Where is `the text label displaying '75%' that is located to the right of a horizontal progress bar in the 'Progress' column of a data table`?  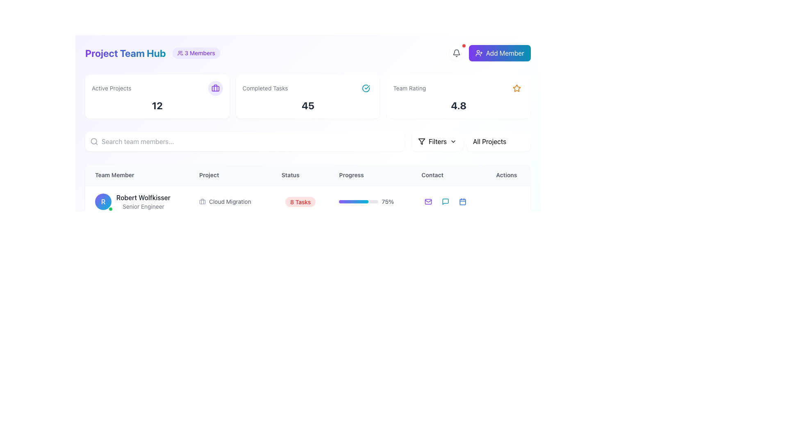
the text label displaying '75%' that is located to the right of a horizontal progress bar in the 'Progress' column of a data table is located at coordinates (387, 202).